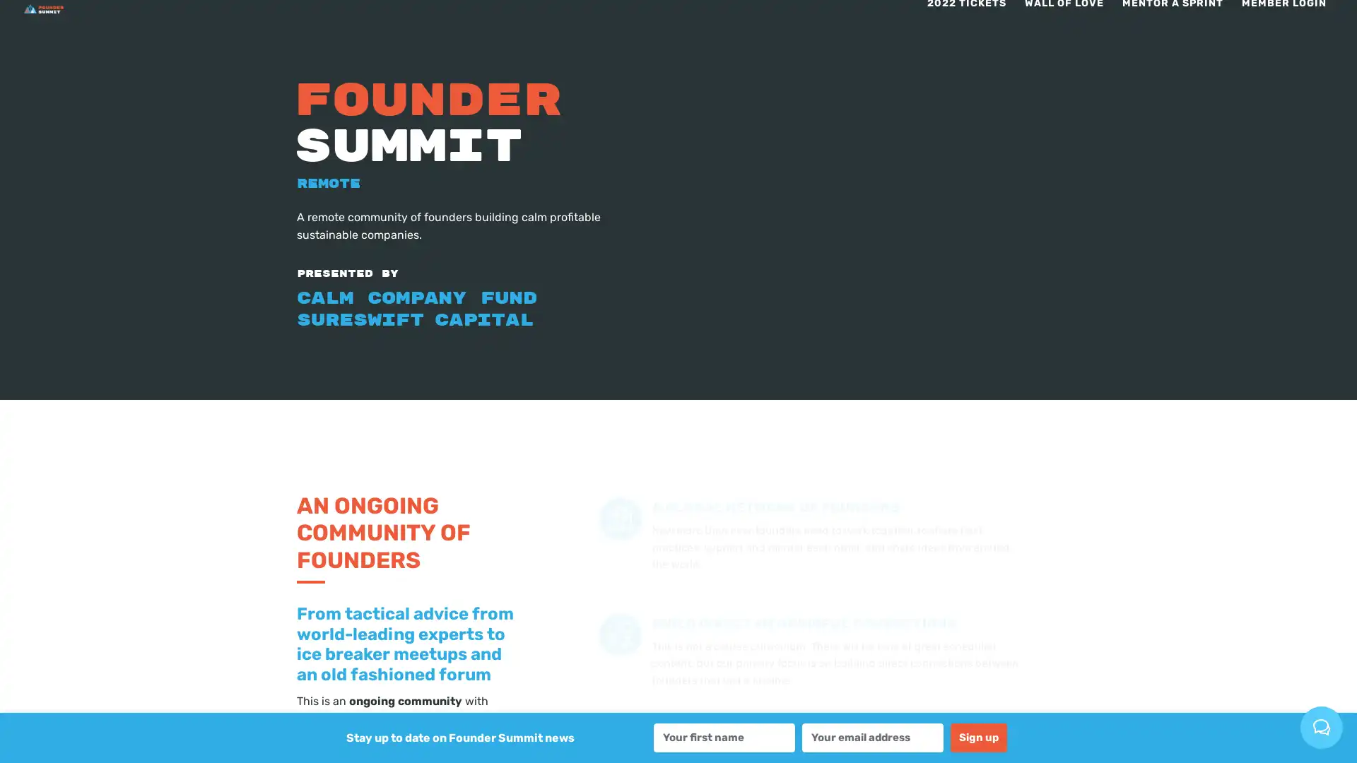 The height and width of the screenshot is (763, 1357). What do you see at coordinates (978, 737) in the screenshot?
I see `Sign up` at bounding box center [978, 737].